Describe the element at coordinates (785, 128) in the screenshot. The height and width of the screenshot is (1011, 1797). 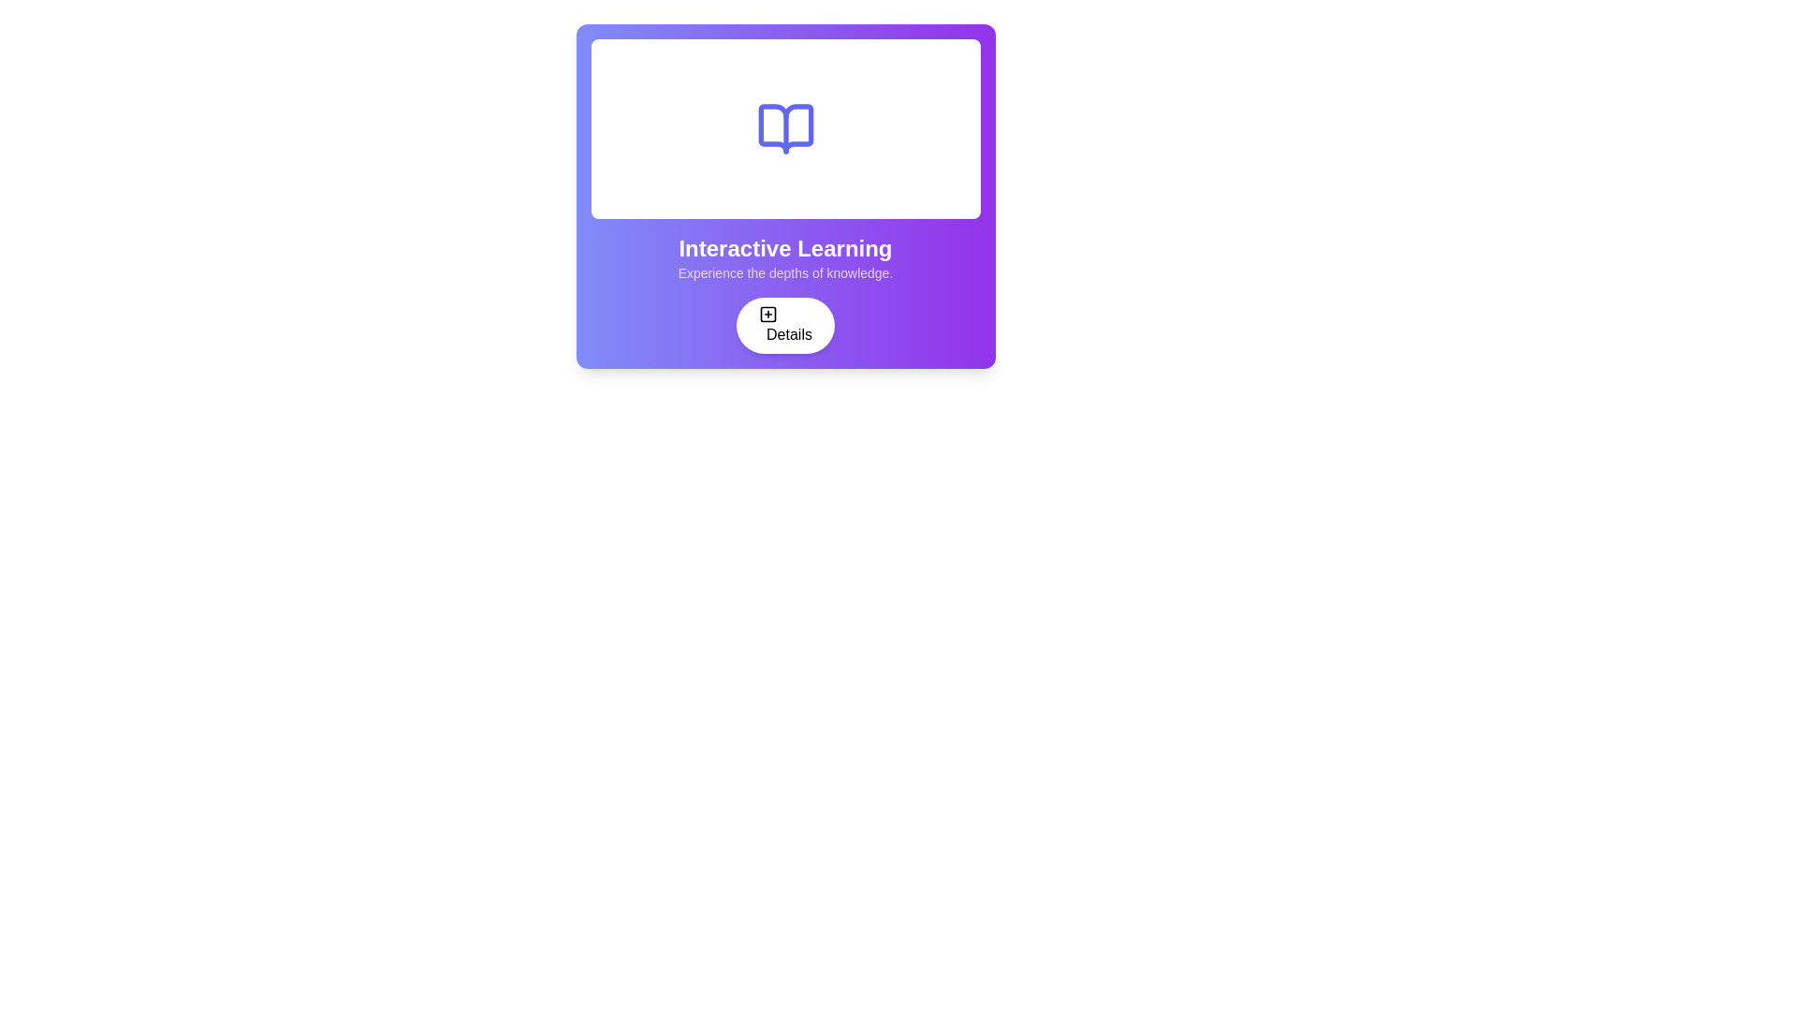
I see `the right-side graphical element of the open book icon, which has a purple outline and is slightly curved to resemble the book's pages` at that location.